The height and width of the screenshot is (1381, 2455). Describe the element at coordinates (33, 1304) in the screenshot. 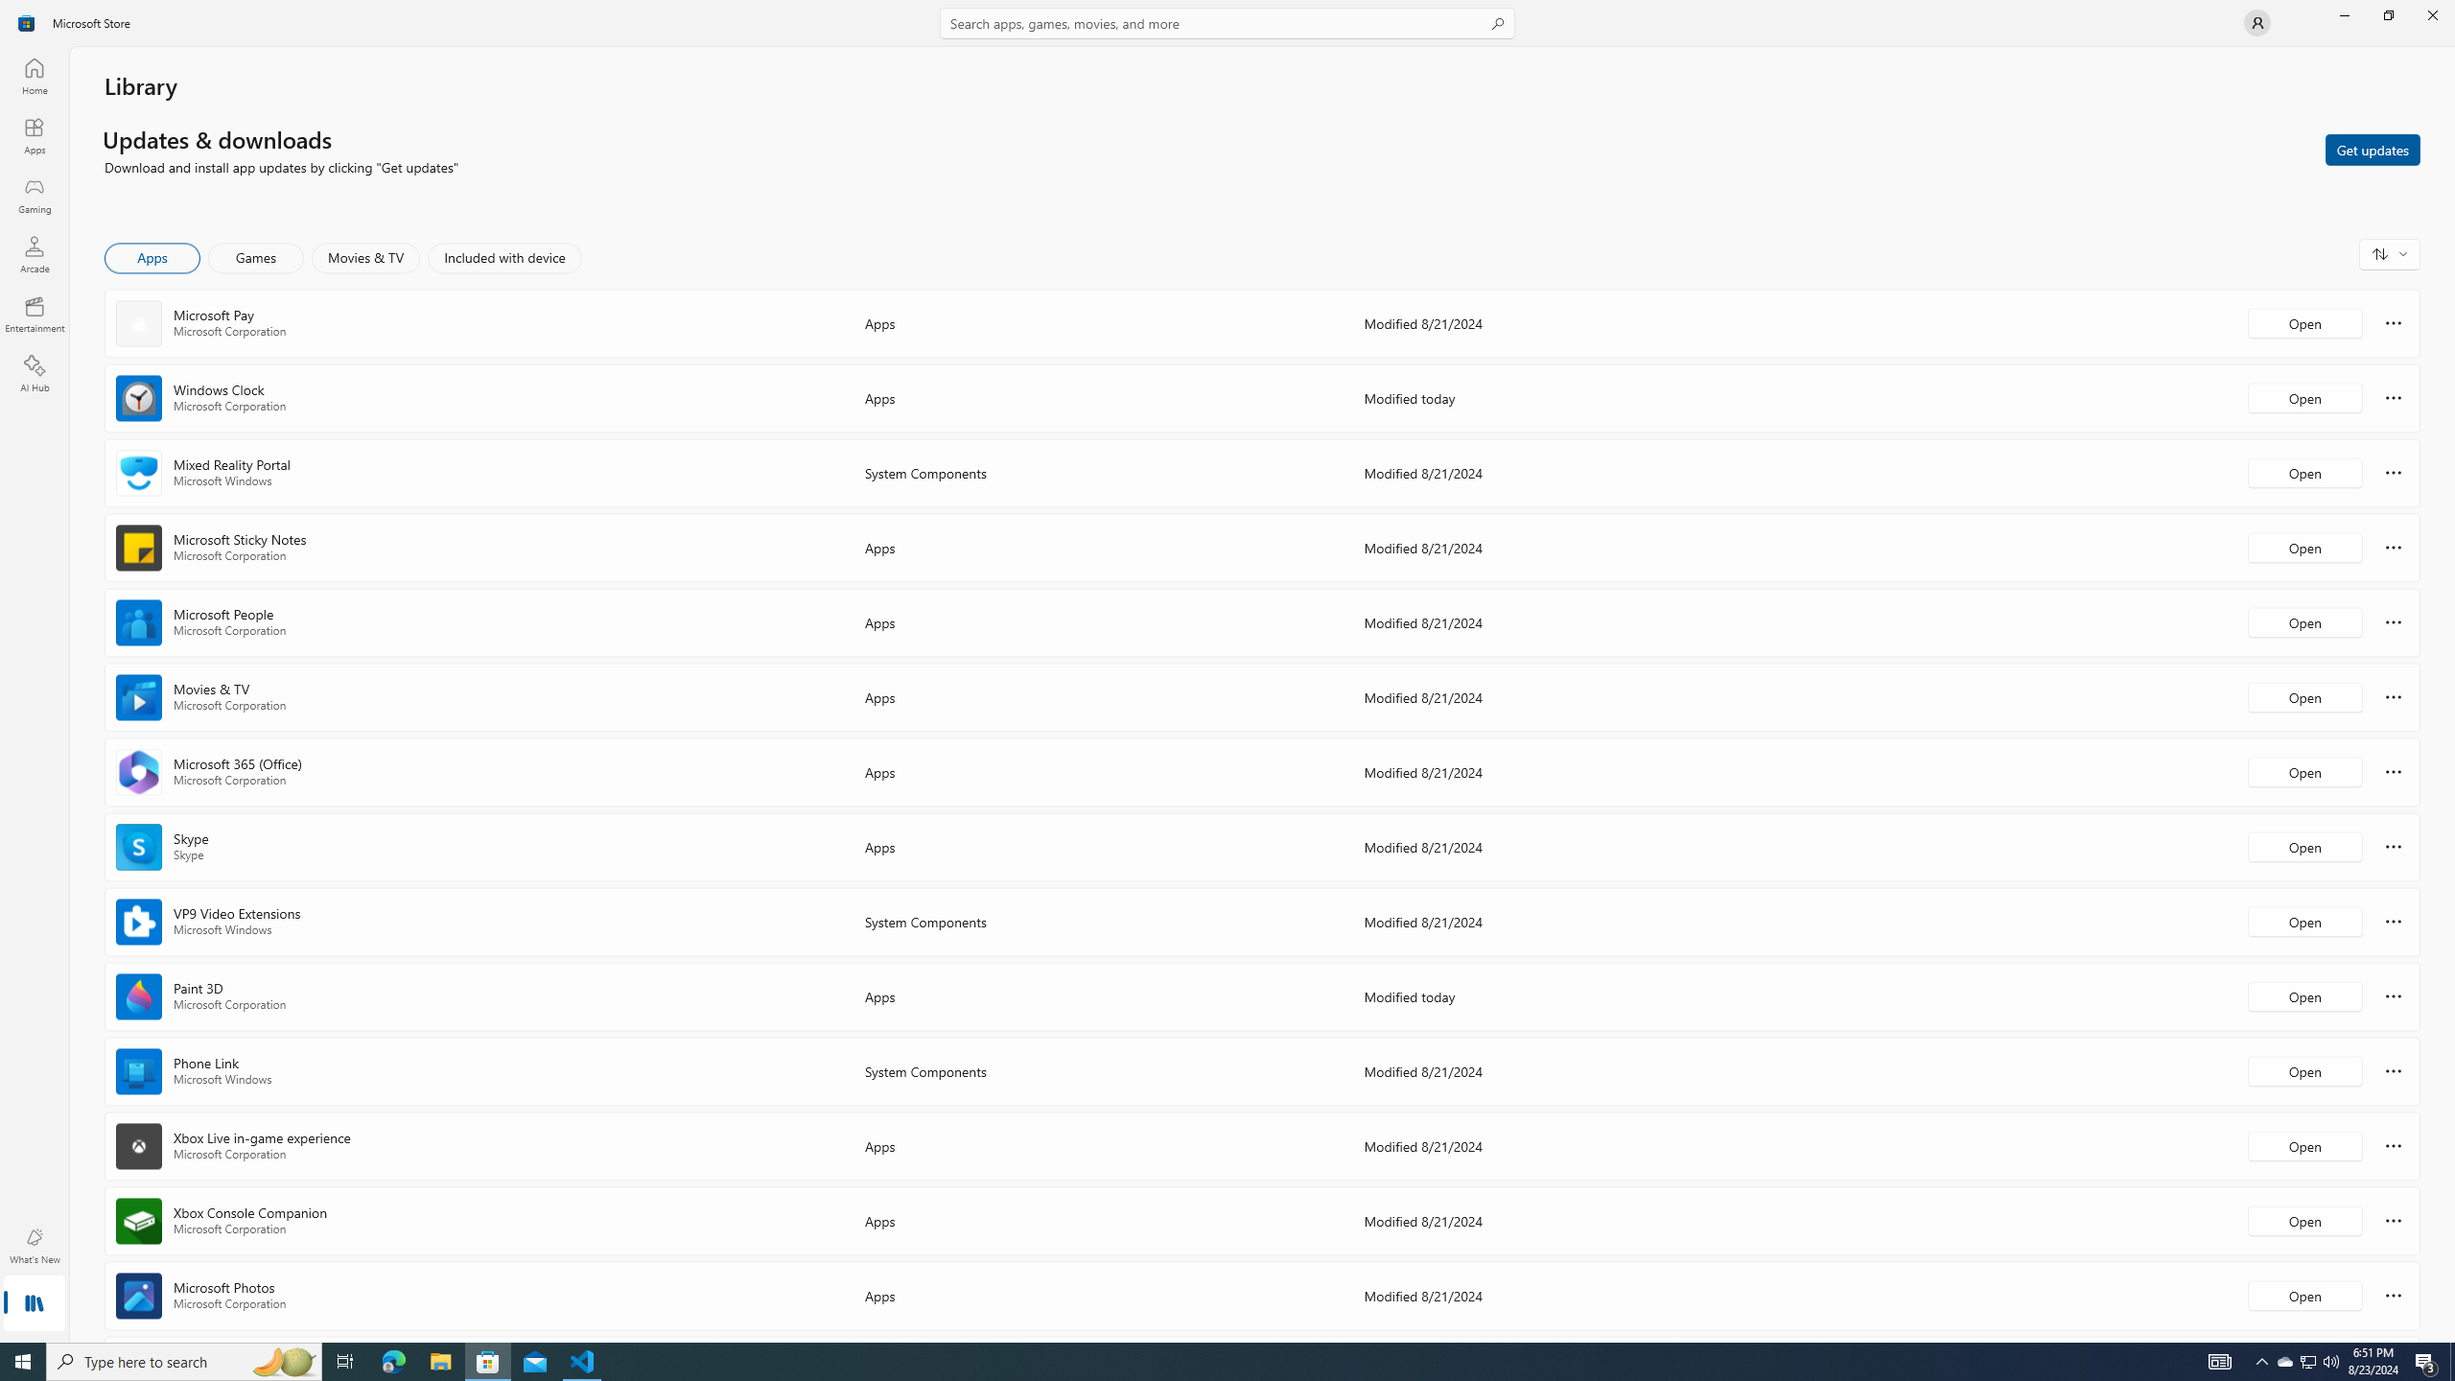

I see `'Library'` at that location.